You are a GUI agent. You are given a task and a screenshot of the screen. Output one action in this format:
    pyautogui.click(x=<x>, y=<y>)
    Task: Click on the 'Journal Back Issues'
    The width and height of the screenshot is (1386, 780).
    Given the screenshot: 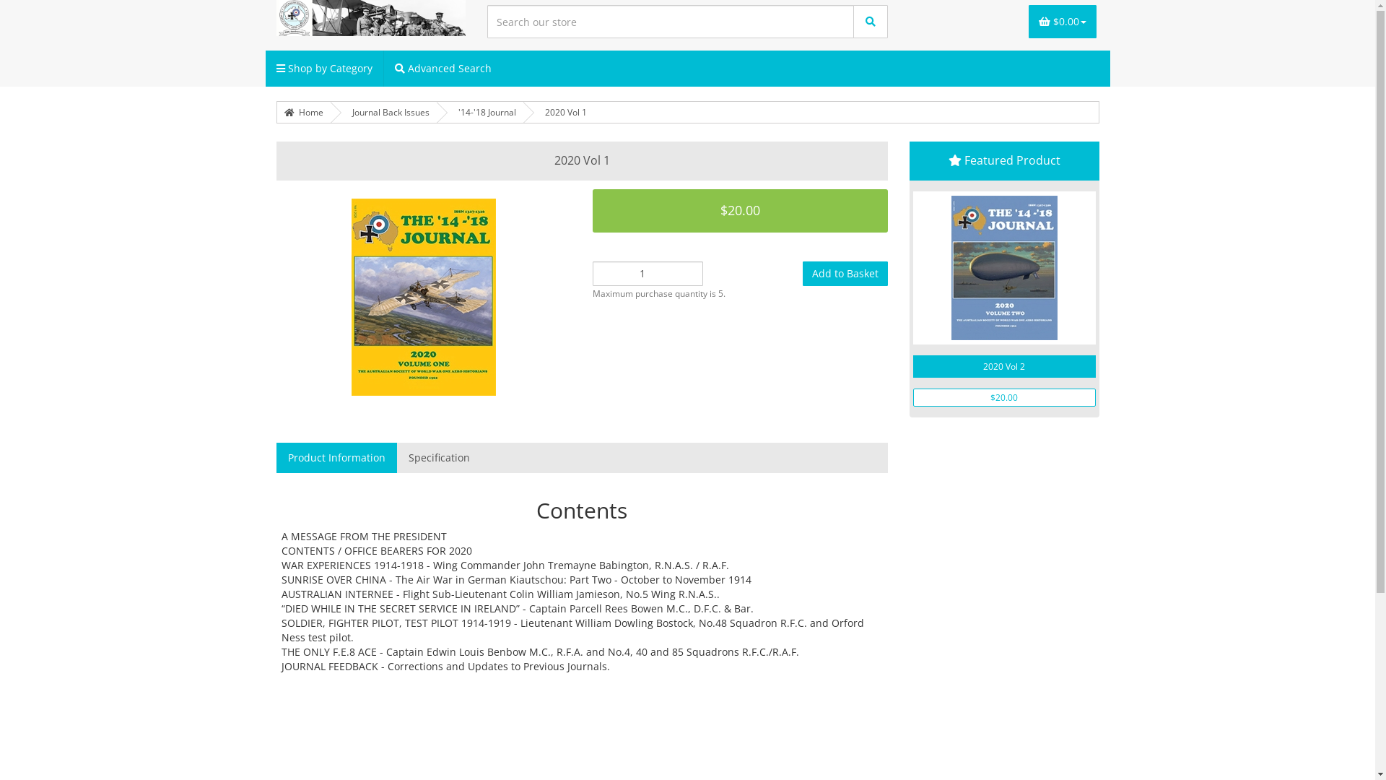 What is the action you would take?
    pyautogui.click(x=344, y=111)
    